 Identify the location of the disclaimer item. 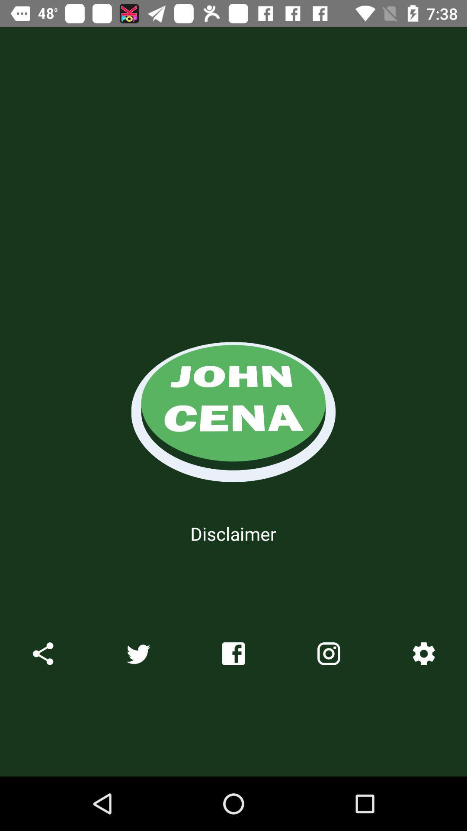
(233, 533).